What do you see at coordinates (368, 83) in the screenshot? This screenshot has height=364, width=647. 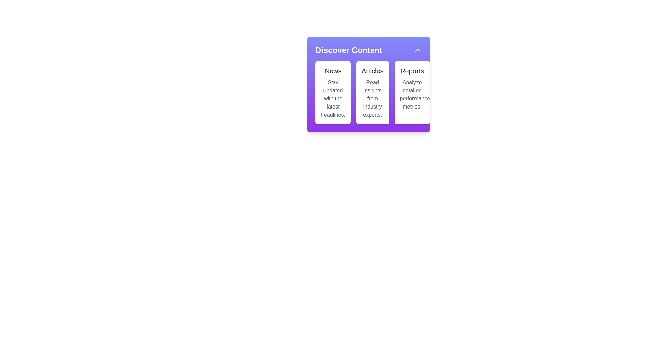 I see `the 'Discover Content' card section title` at bounding box center [368, 83].